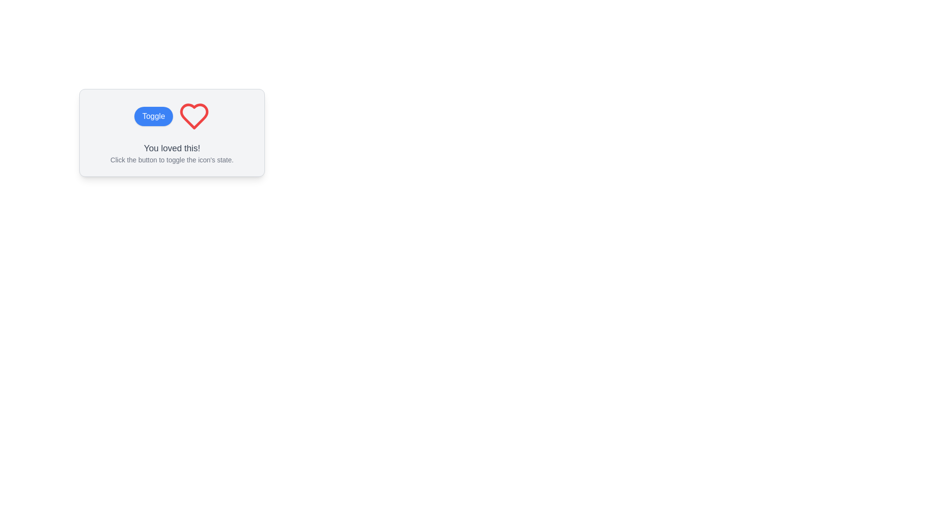 The width and height of the screenshot is (928, 522). Describe the element at coordinates (172, 148) in the screenshot. I see `the text label displaying 'You loved this!' which is styled in dark gray color and located below a heart icon and a toggle button` at that location.